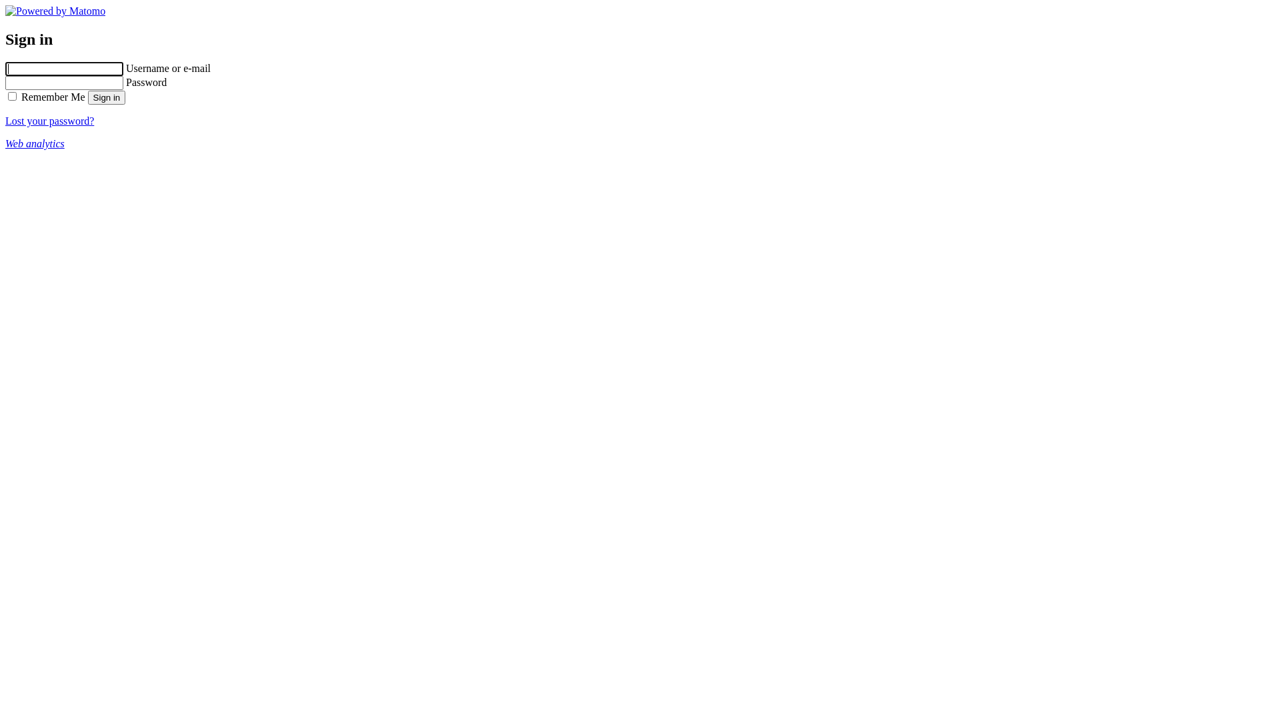 This screenshot has height=720, width=1280. Describe the element at coordinates (107, 97) in the screenshot. I see `'Sign in'` at that location.